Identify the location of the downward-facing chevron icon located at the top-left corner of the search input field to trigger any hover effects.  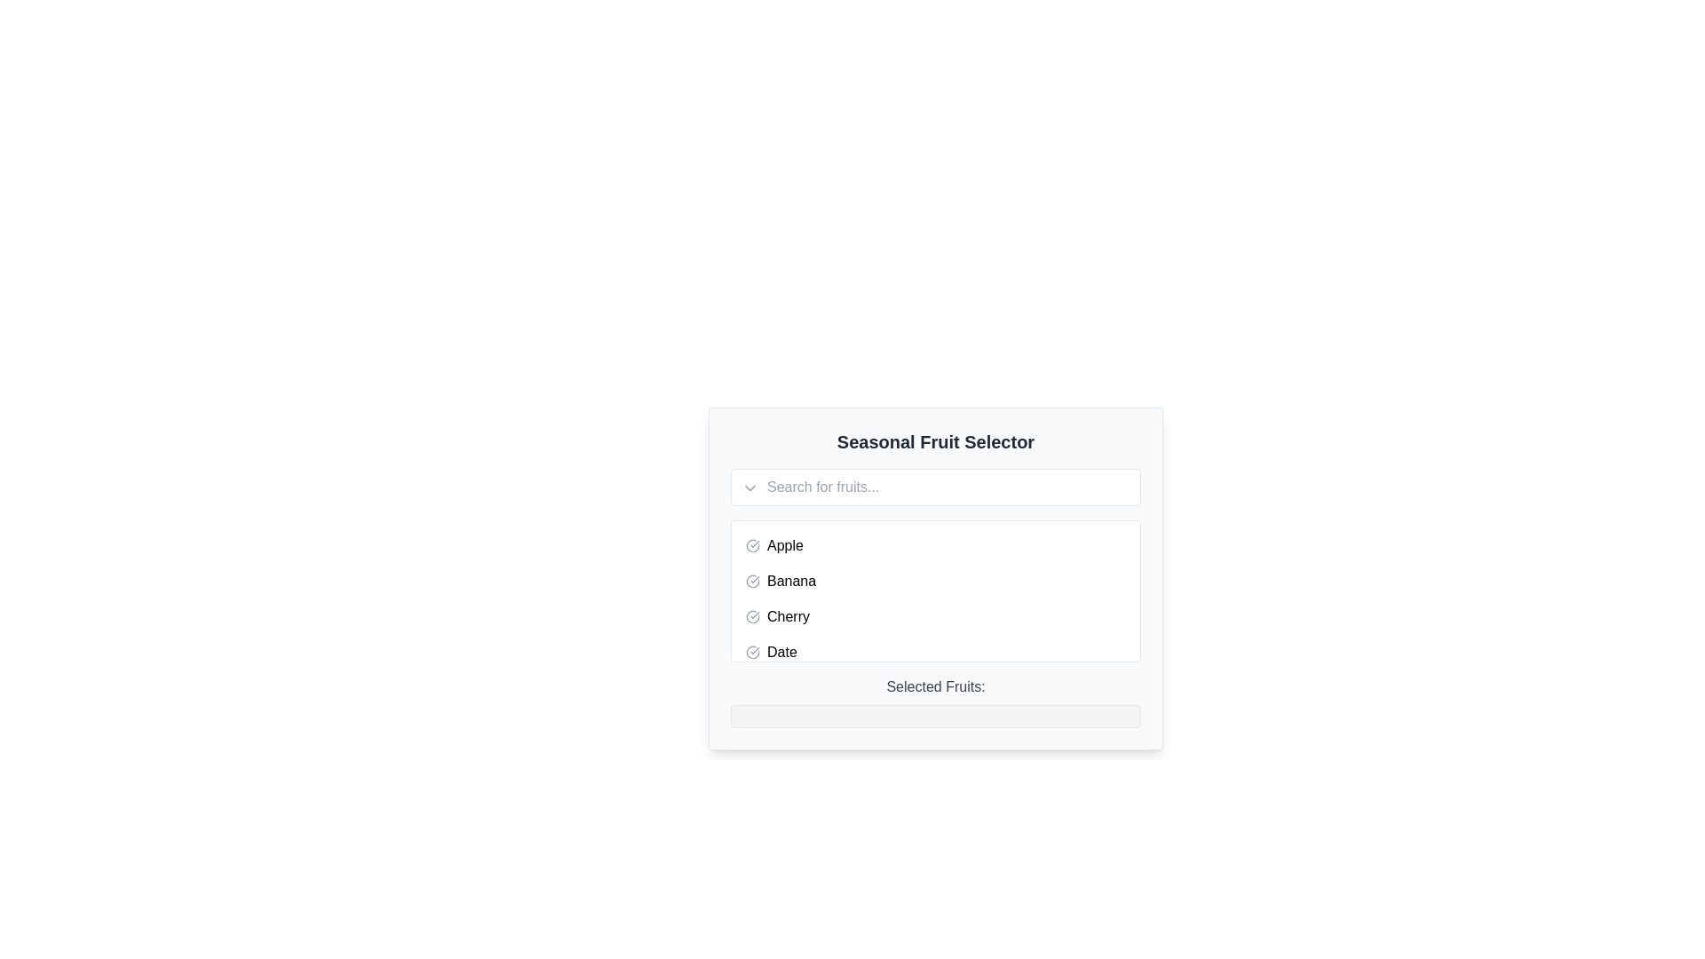
(749, 488).